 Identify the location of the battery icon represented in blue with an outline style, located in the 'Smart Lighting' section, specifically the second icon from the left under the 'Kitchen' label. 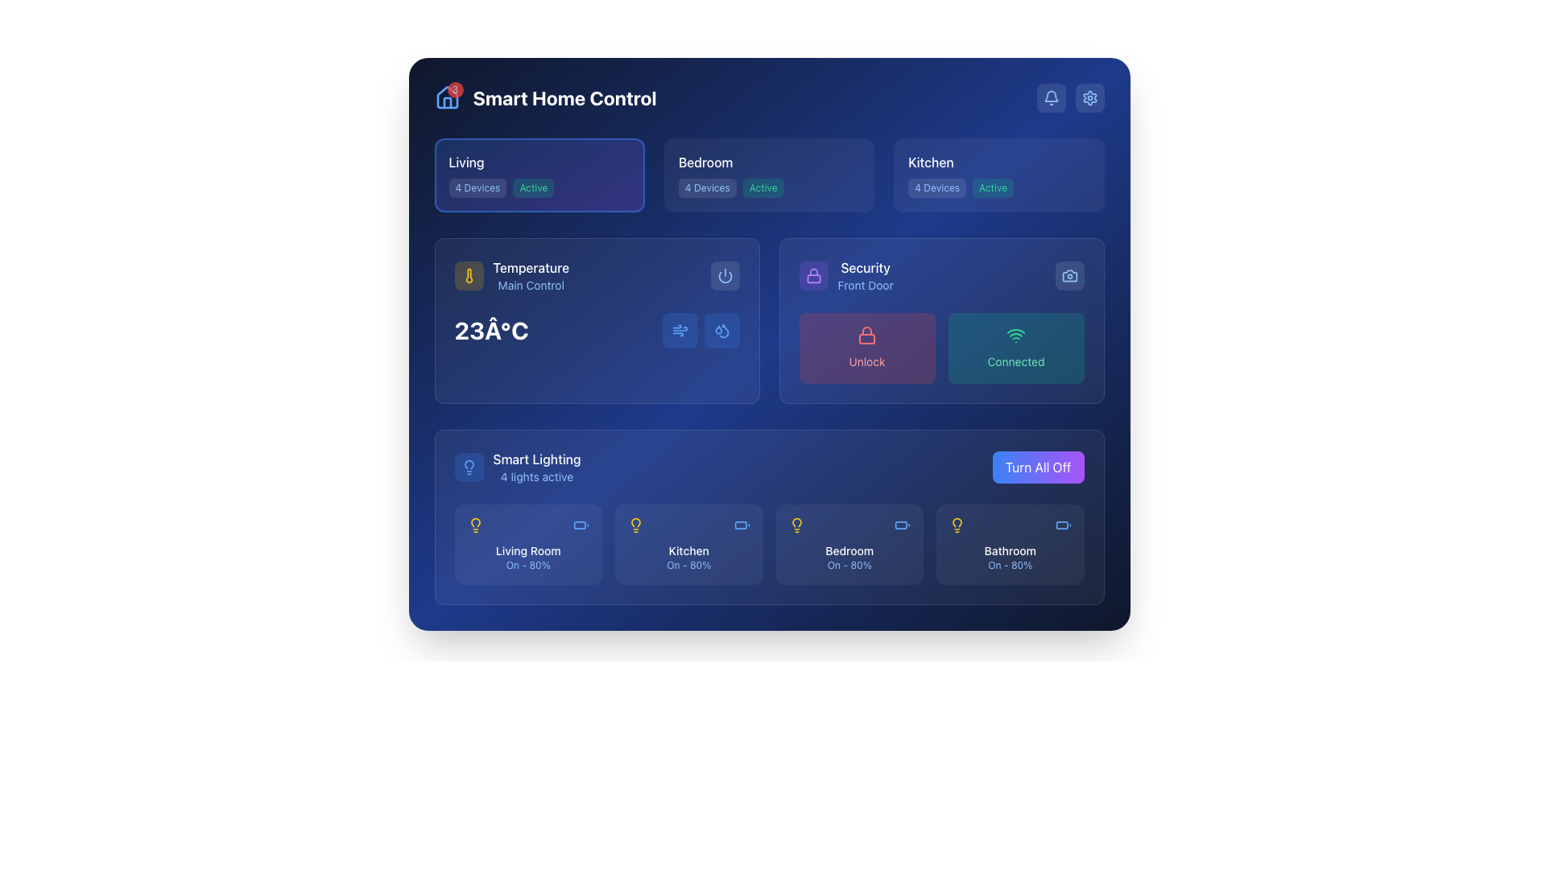
(741, 525).